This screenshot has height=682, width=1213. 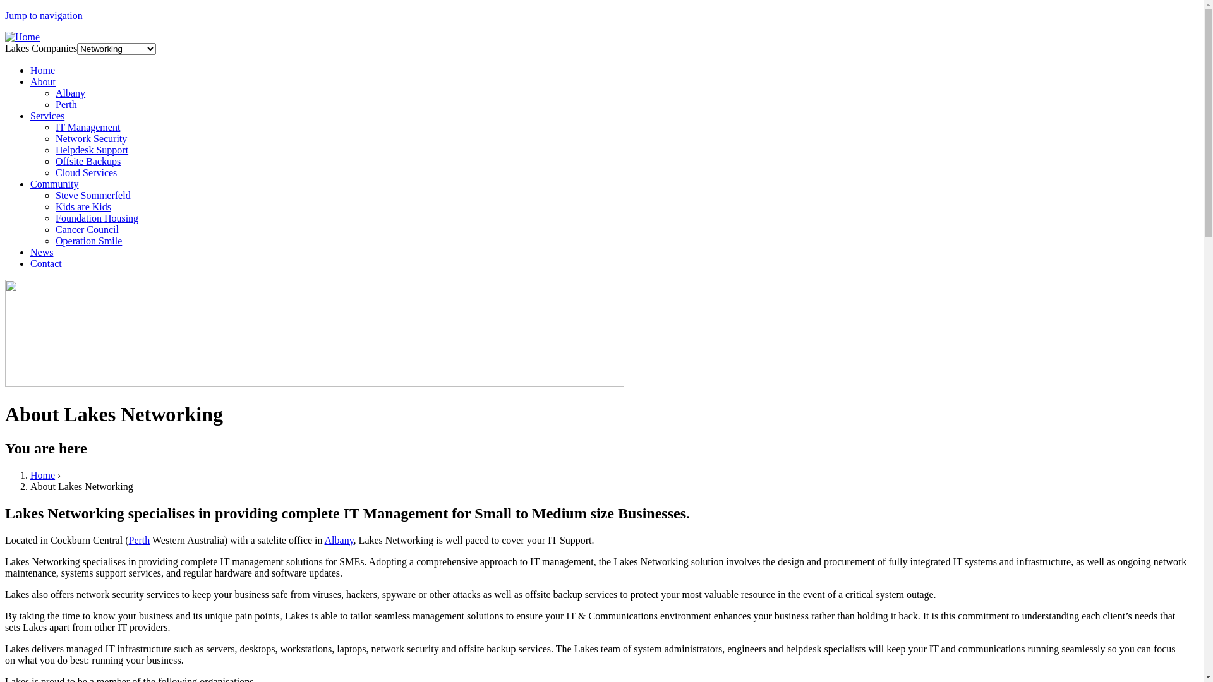 What do you see at coordinates (90, 138) in the screenshot?
I see `'Network Security'` at bounding box center [90, 138].